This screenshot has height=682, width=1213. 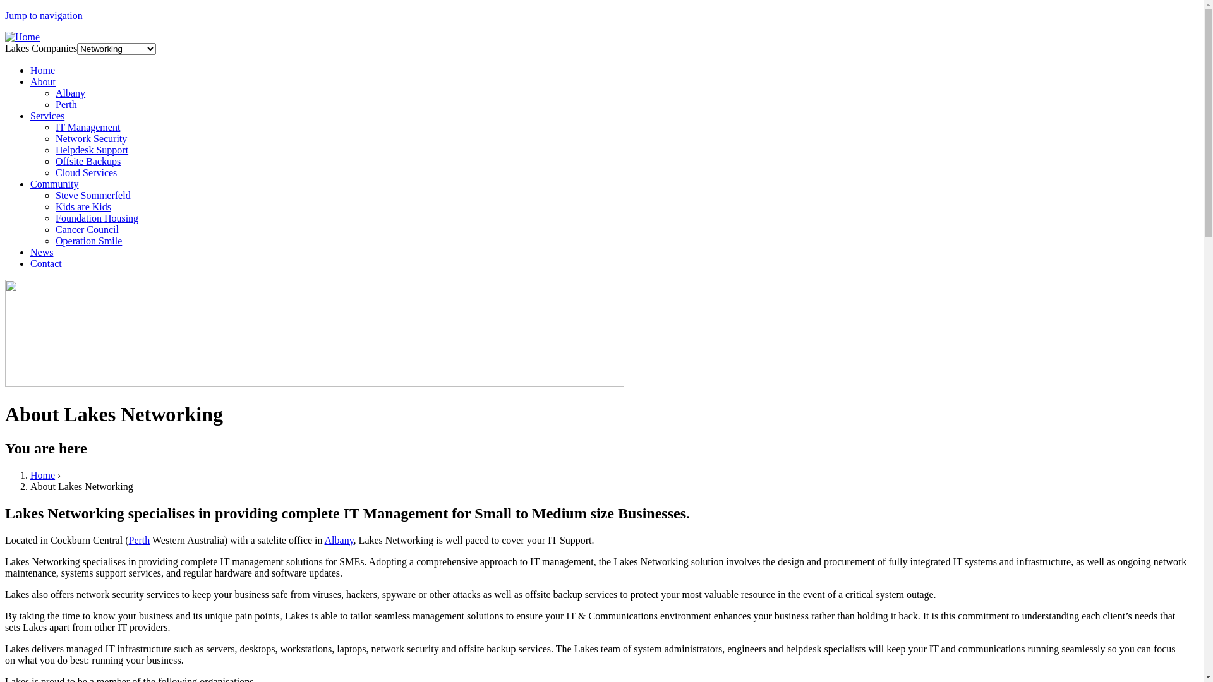 What do you see at coordinates (90, 138) in the screenshot?
I see `'Network Security'` at bounding box center [90, 138].